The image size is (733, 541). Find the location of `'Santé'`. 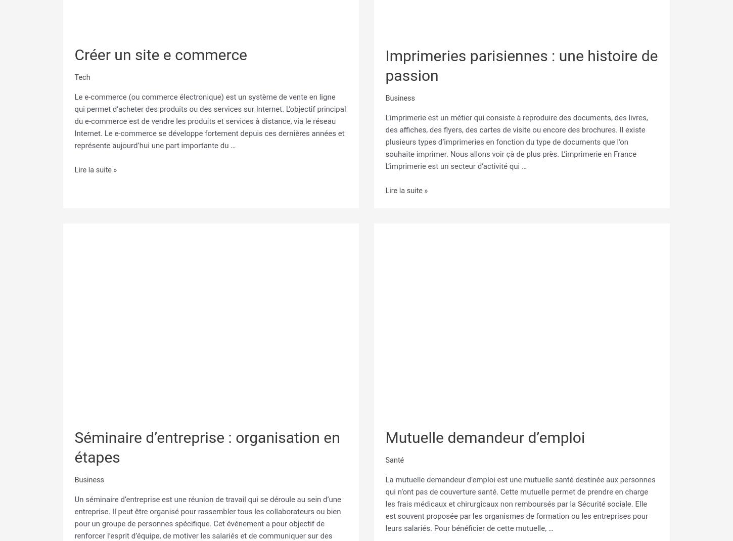

'Santé' is located at coordinates (394, 456).